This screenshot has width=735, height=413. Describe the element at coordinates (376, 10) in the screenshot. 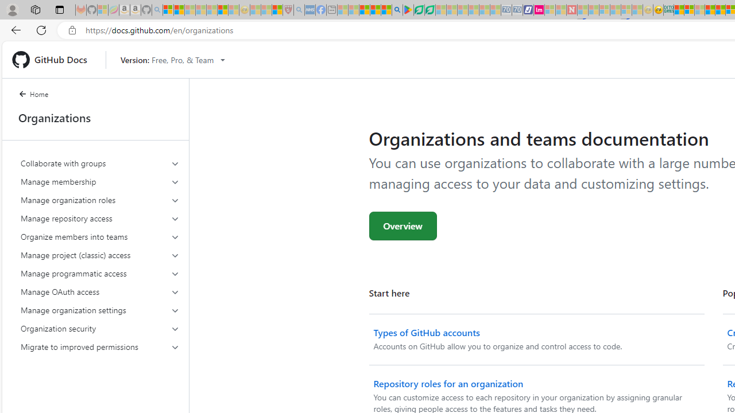

I see `'Pets - MSN'` at that location.